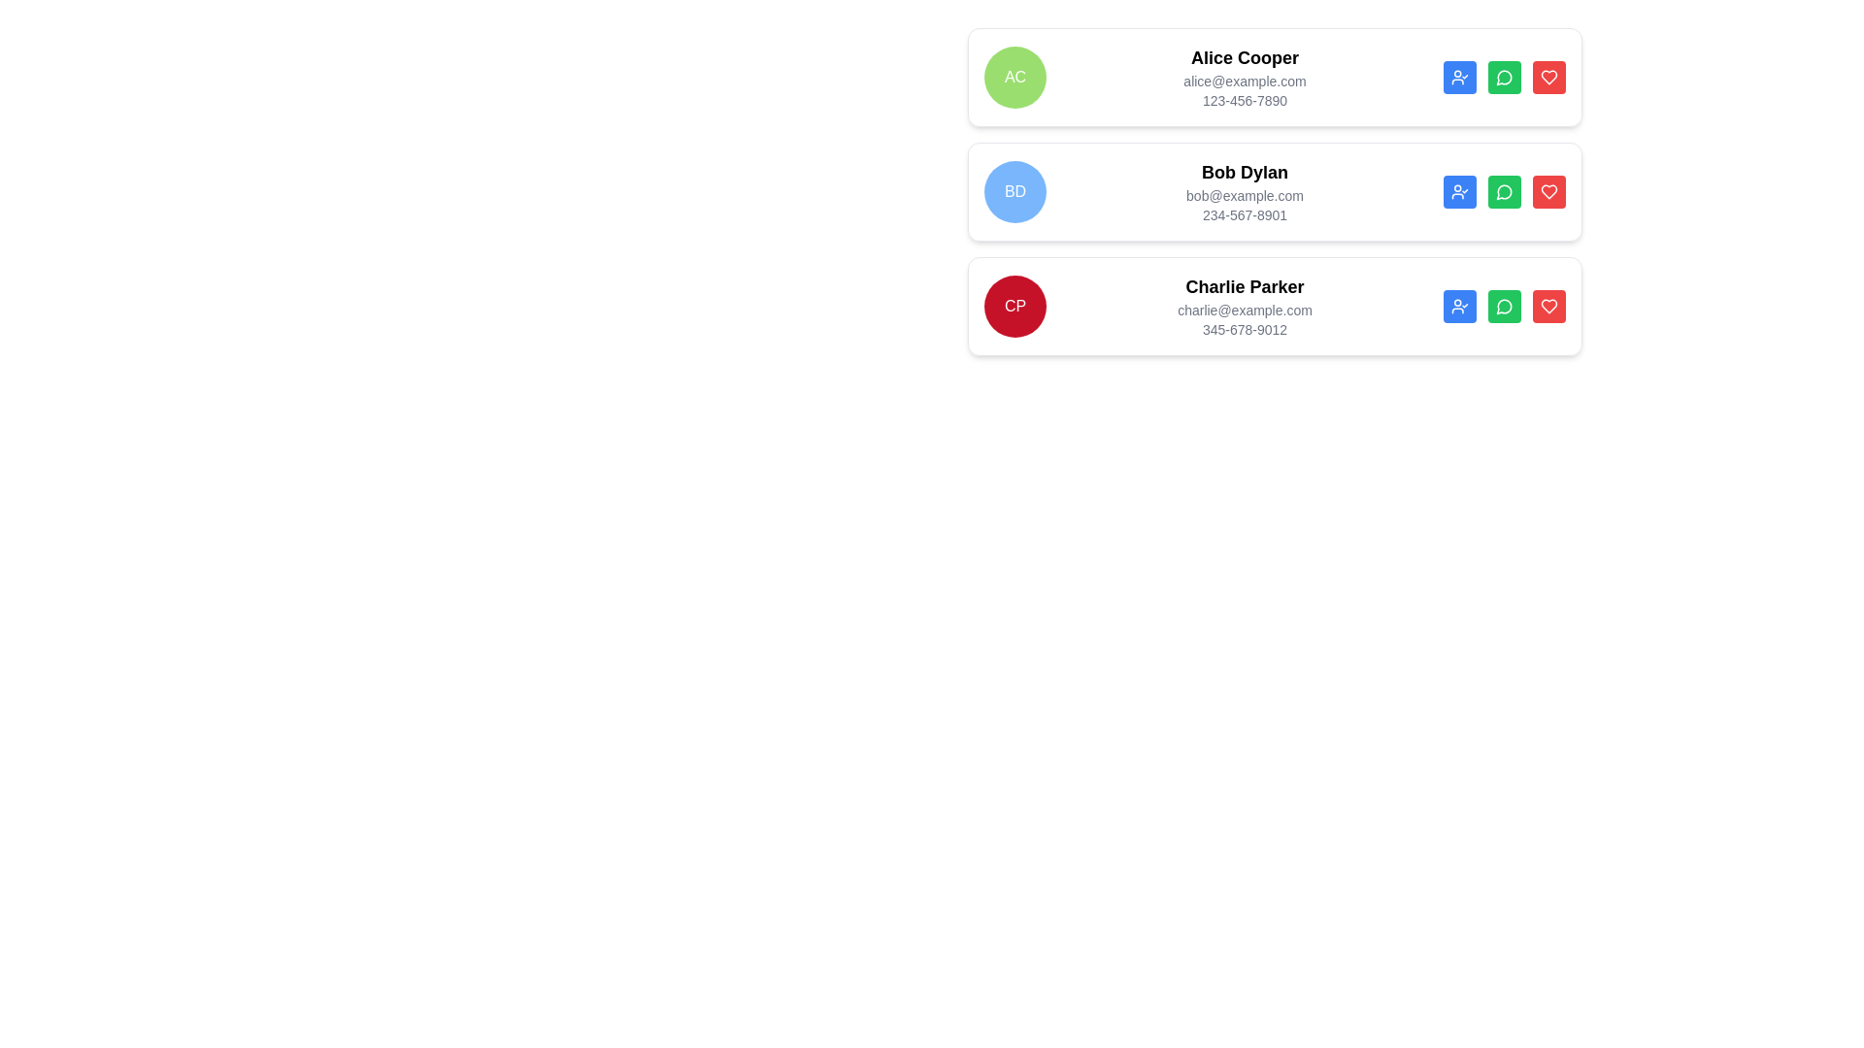 This screenshot has height=1048, width=1864. Describe the element at coordinates (1504, 306) in the screenshot. I see `the green button with rounded edges and a white speech bubble icon located at the bottom of the contact information cards for 'Charlie Parker'` at that location.